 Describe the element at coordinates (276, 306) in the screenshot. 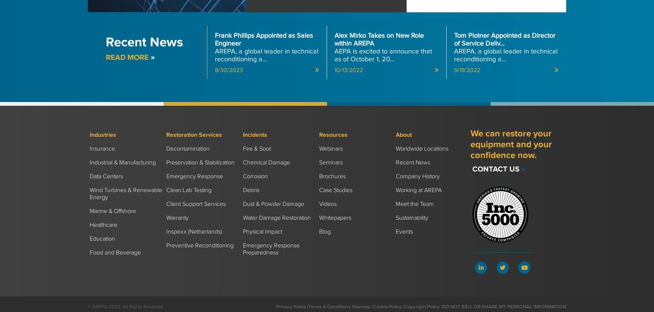

I see `'Privacy Policy'` at that location.